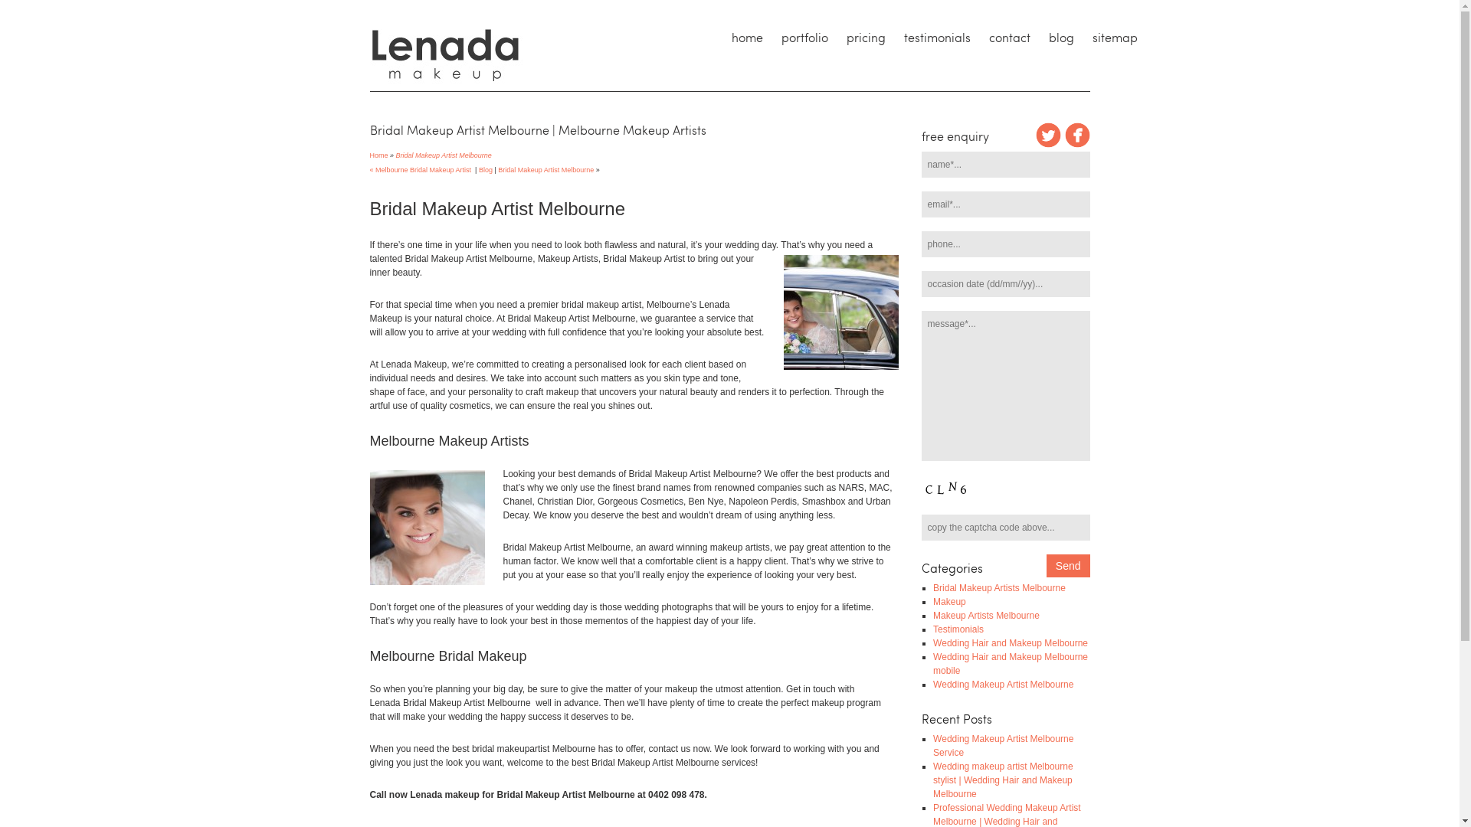  Describe the element at coordinates (1115, 37) in the screenshot. I see `'sitemap'` at that location.